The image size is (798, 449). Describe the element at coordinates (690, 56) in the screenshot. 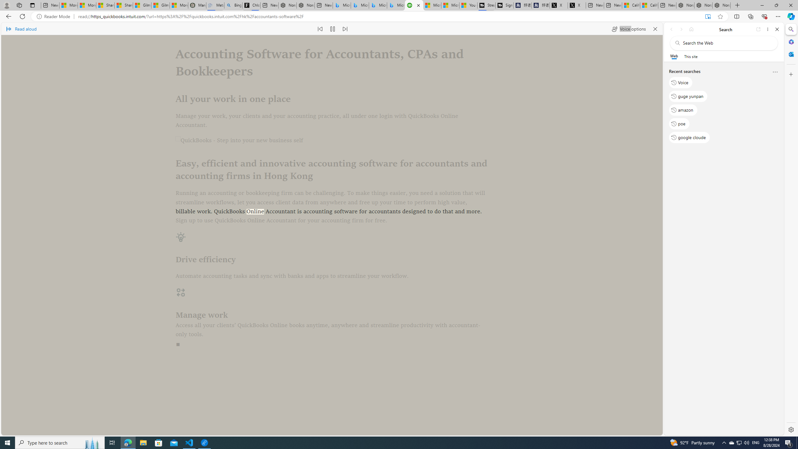

I see `'This site scope'` at that location.